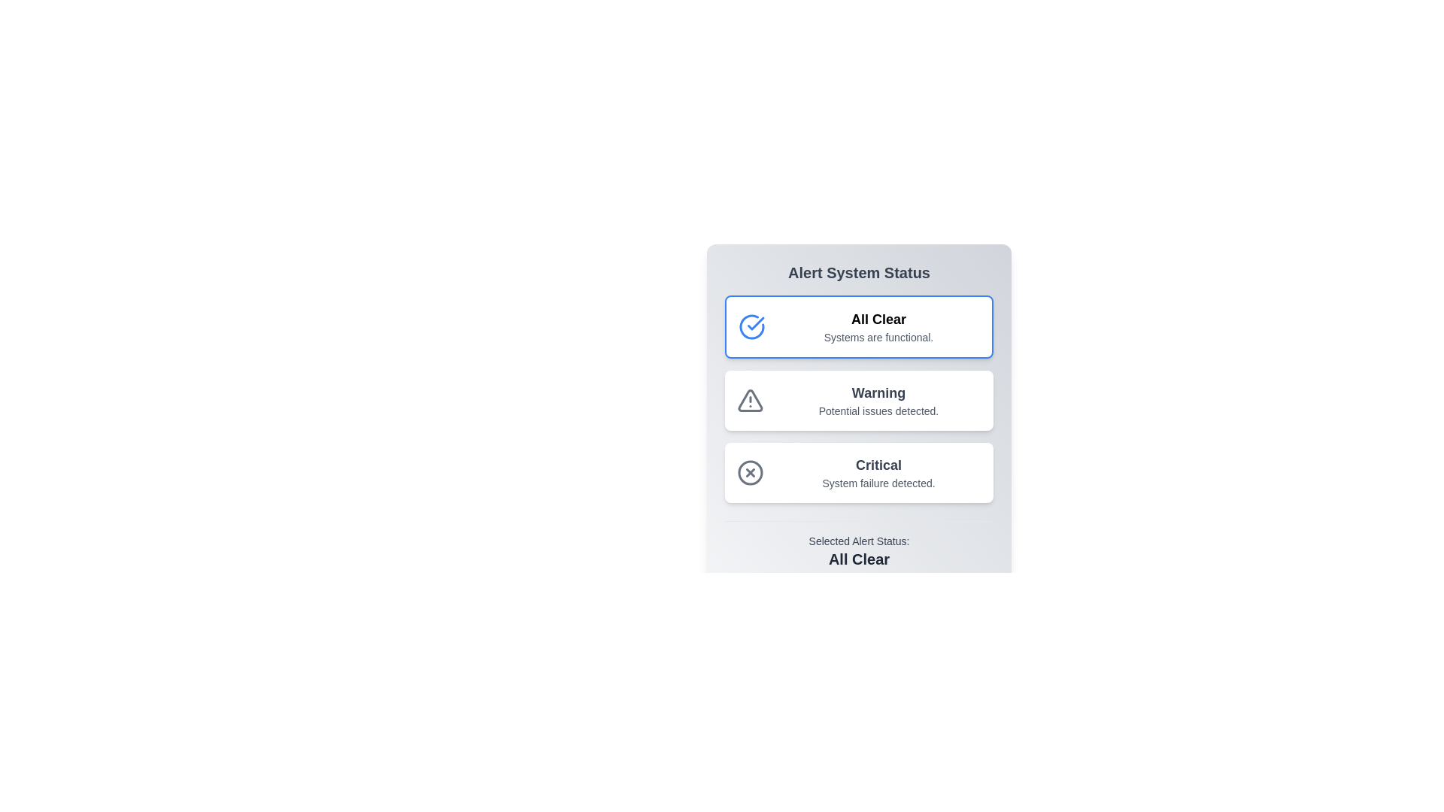 This screenshot has height=812, width=1444. What do you see at coordinates (859, 398) in the screenshot?
I see `the second selectable list item representing the alert status option to confirm the selection, which updates the user's alert status to 'Warning'` at bounding box center [859, 398].